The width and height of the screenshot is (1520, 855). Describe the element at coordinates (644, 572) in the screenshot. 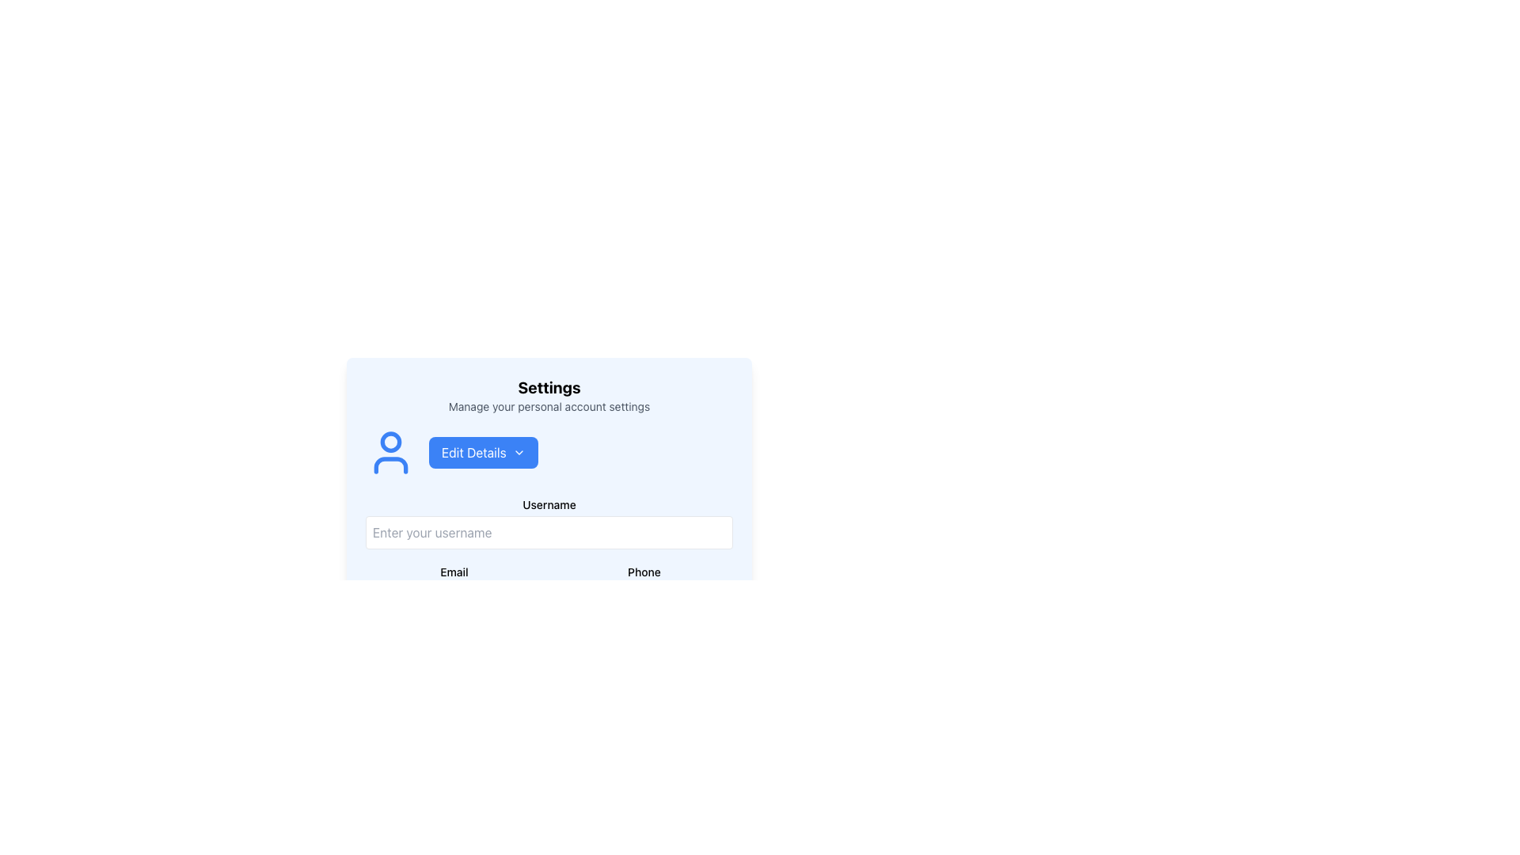

I see `the Text label that provides context for the phone number input field, located below the 'Settings' label` at that location.